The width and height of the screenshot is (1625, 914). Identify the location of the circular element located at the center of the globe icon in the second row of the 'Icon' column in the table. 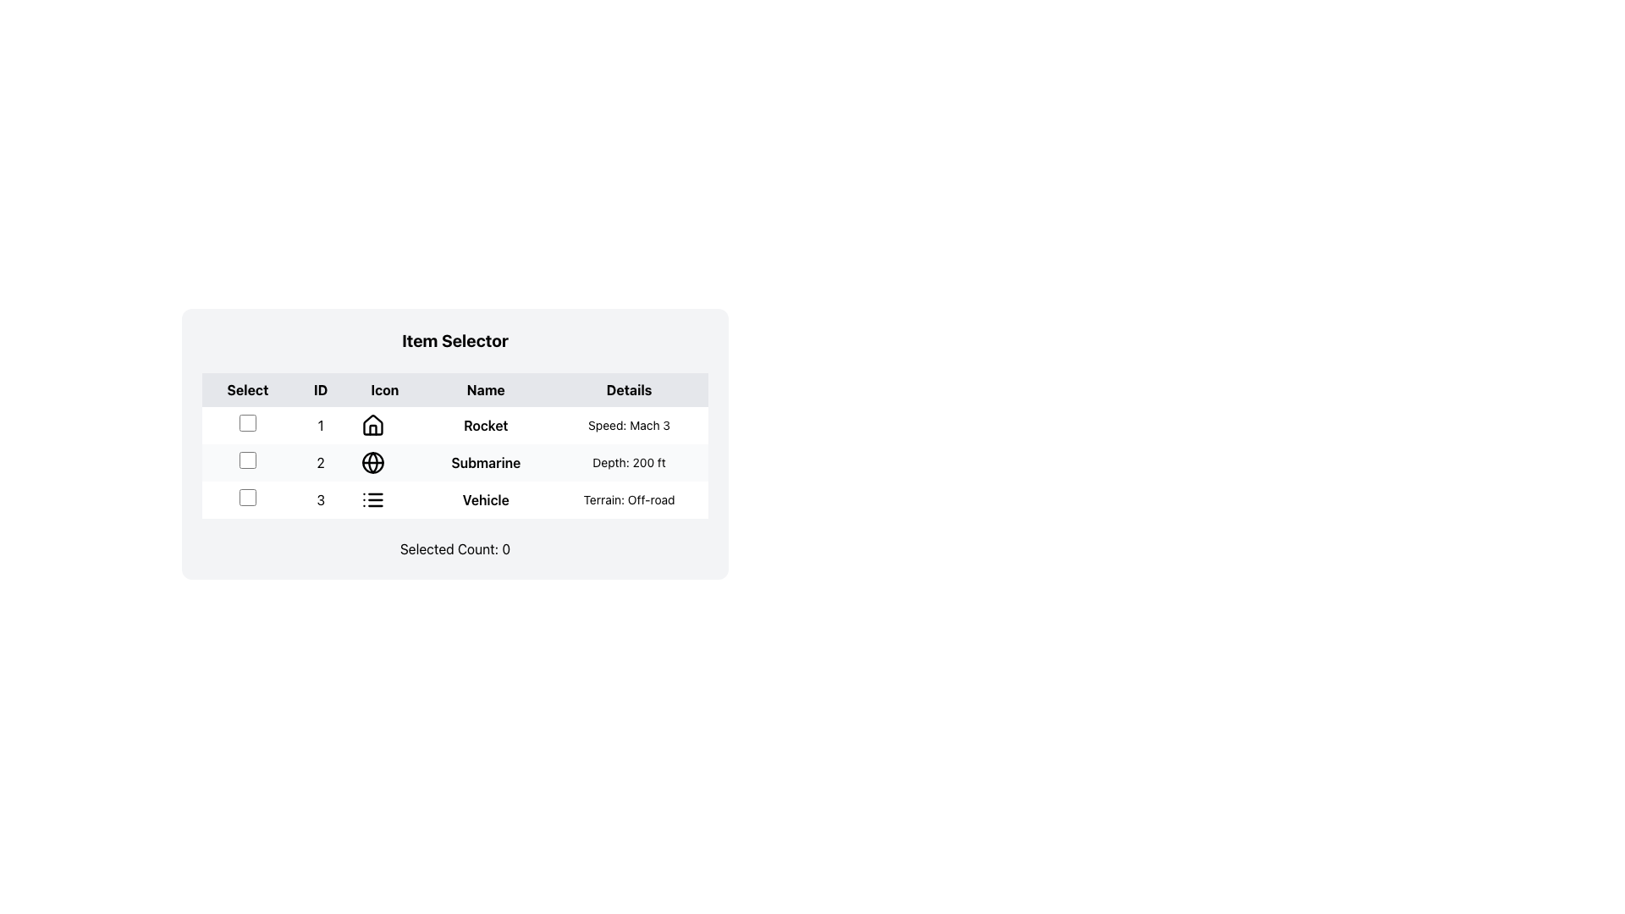
(372, 463).